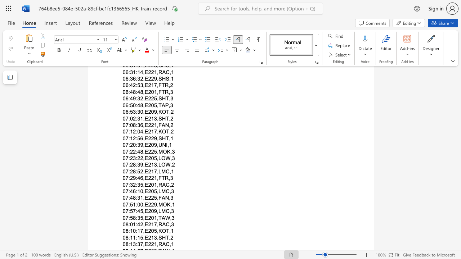 This screenshot has width=461, height=259. I want to click on the space between the continuous character "2" and "0" in the text, so click(151, 231).